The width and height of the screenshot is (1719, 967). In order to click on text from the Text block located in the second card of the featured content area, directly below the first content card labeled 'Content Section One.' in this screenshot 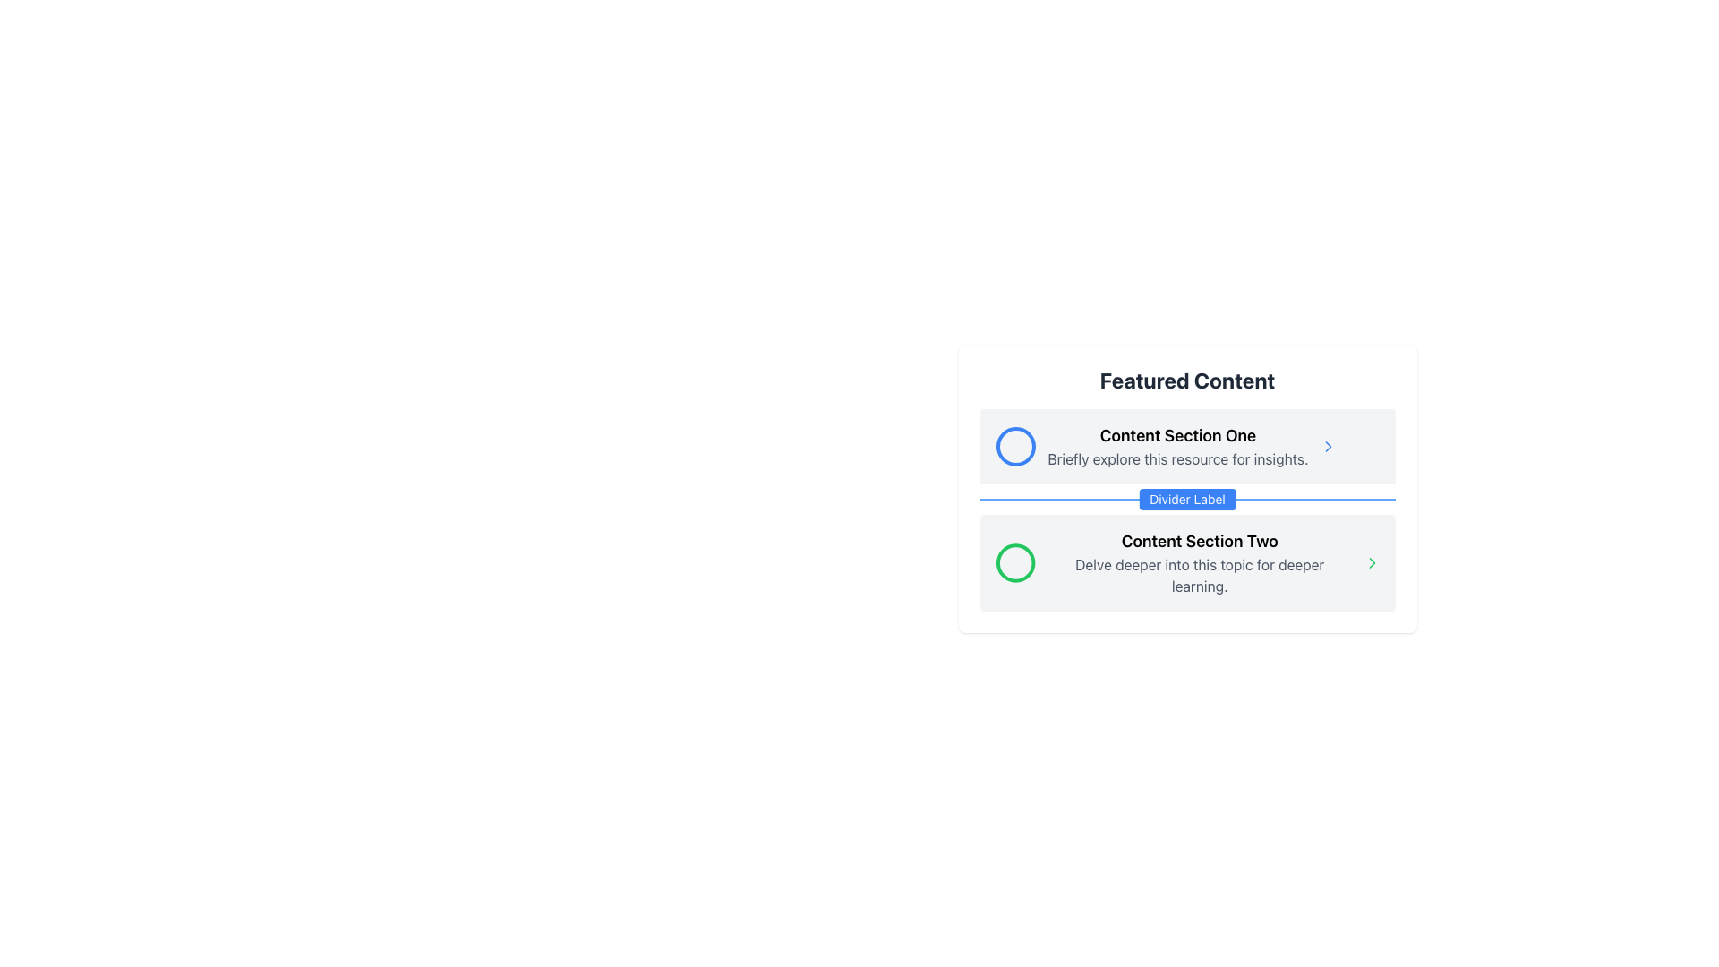, I will do `click(1200, 561)`.